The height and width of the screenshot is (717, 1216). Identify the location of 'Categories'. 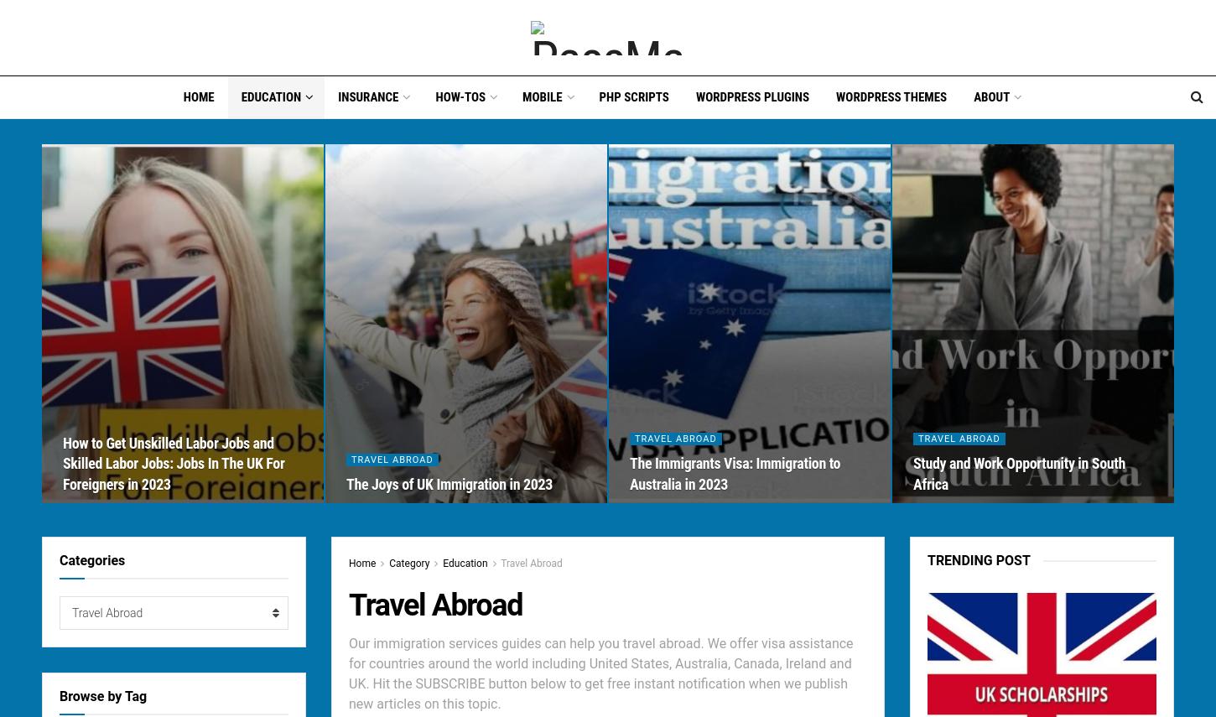
(60, 560).